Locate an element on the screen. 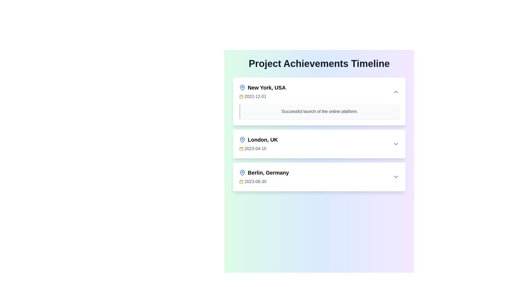 Image resolution: width=511 pixels, height=287 pixels. text content from the third entry in the vertical list of locations and dates, which includes an icon indicating a location and its associated date is located at coordinates (264, 177).